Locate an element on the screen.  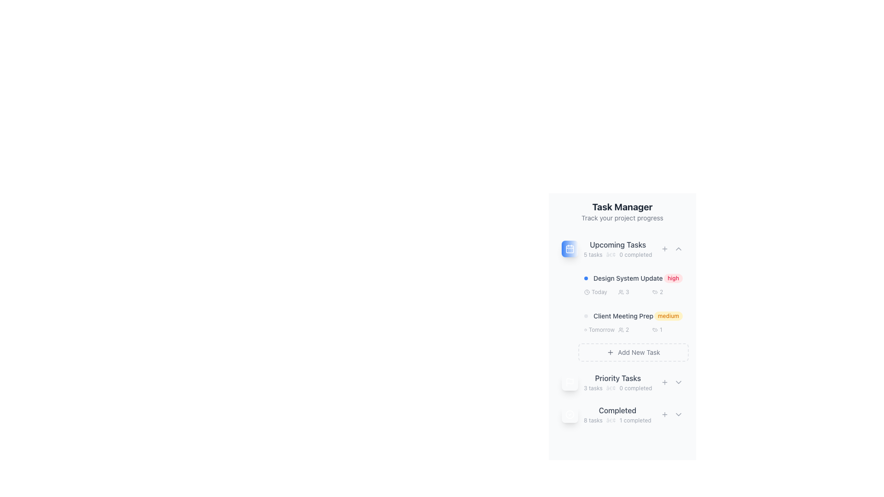
the 'Upcoming Tasks' informational widget, which displays task statistics and is located under the 'Task Manager' header is located at coordinates (607, 248).